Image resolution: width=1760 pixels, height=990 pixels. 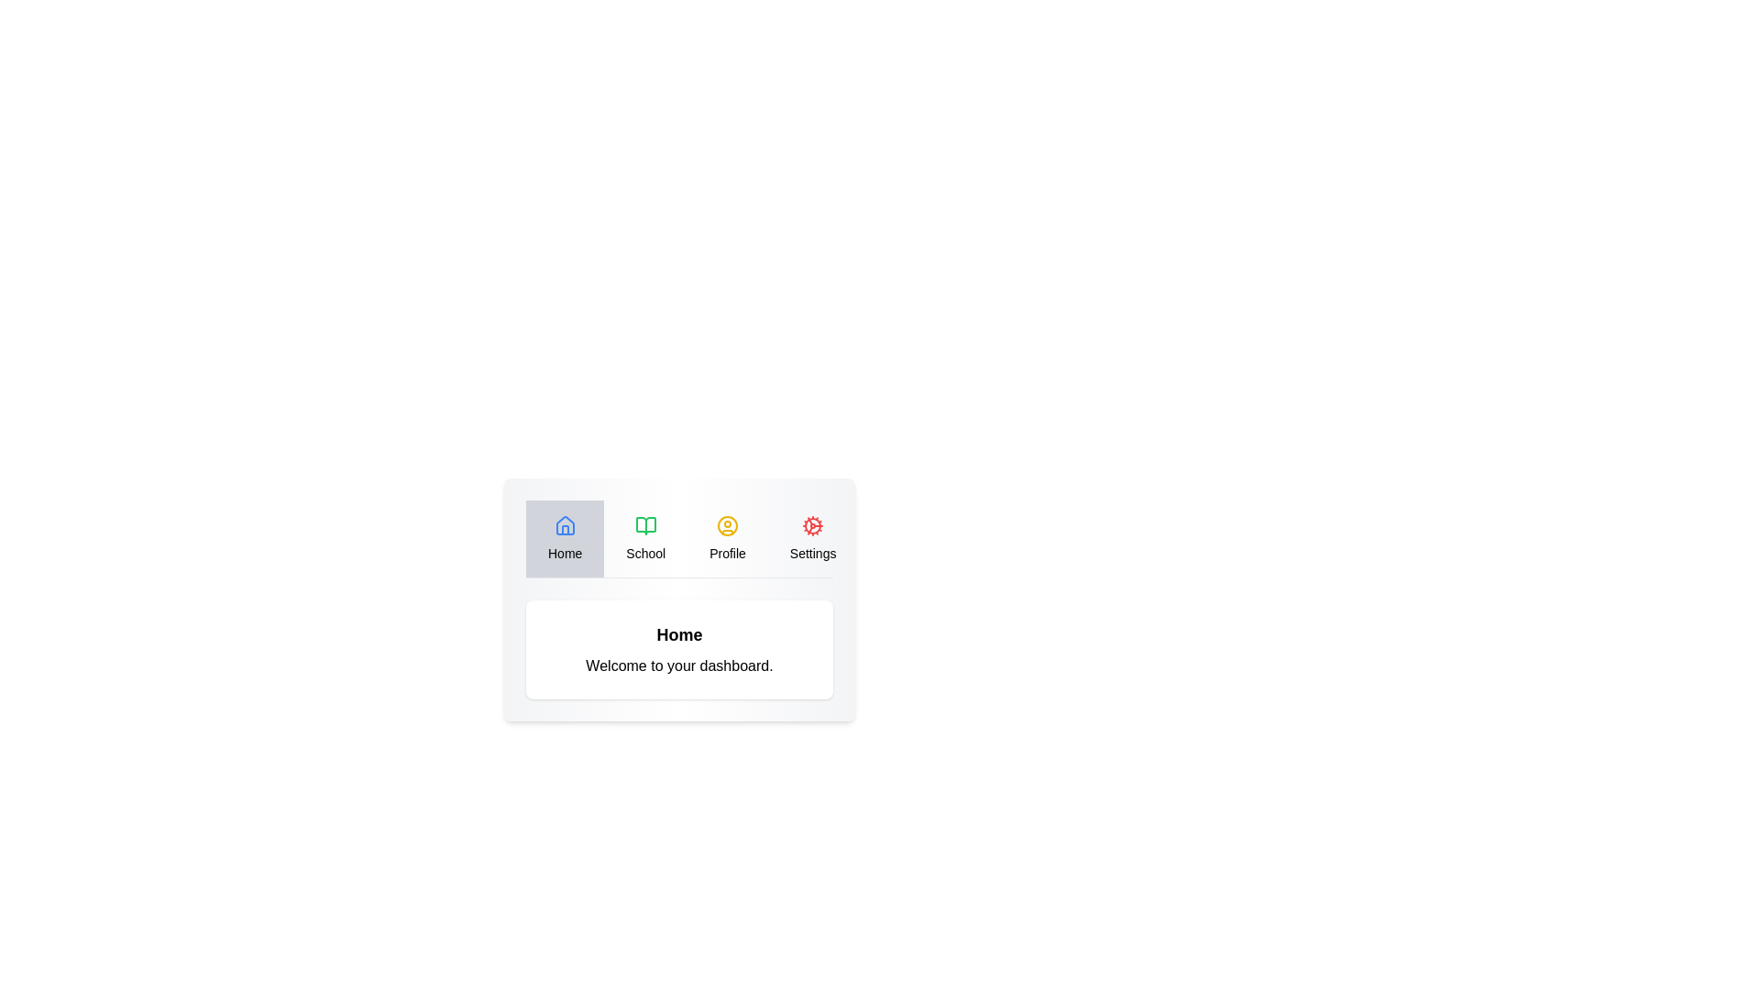 I want to click on the School tab to navigate to it, so click(x=645, y=537).